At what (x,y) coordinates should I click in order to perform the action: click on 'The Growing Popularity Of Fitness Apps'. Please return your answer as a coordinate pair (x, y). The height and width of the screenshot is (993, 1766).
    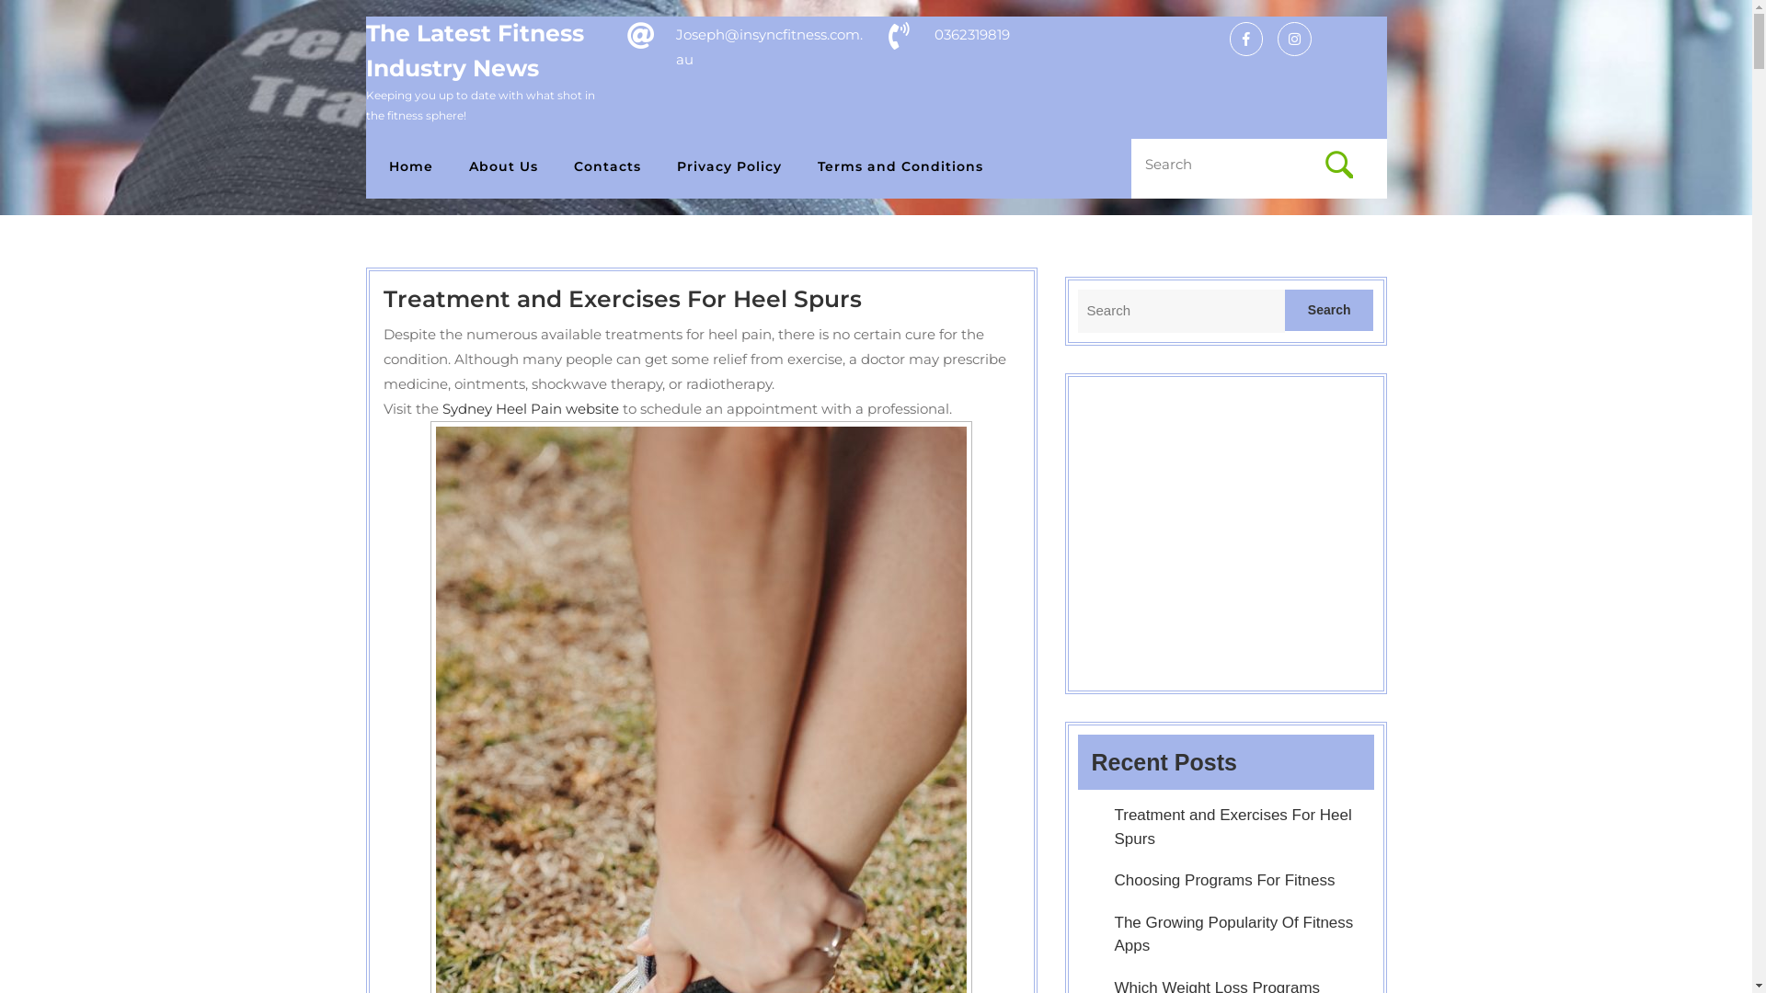
    Looking at the image, I should click on (1234, 934).